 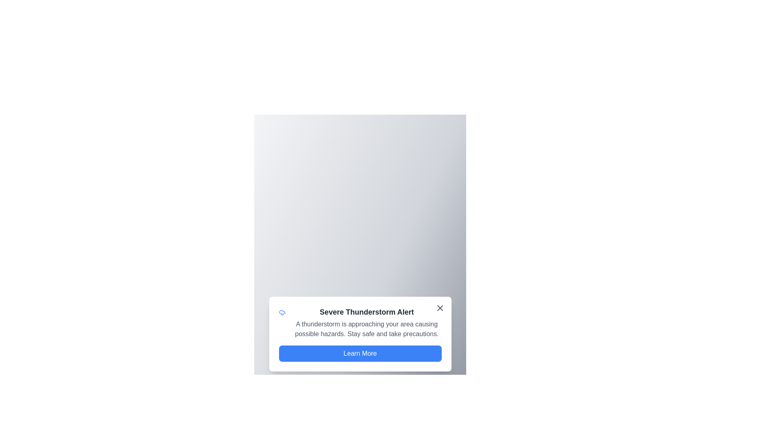 I want to click on the 'Learn More' button to access additional details about the alert, so click(x=360, y=353).